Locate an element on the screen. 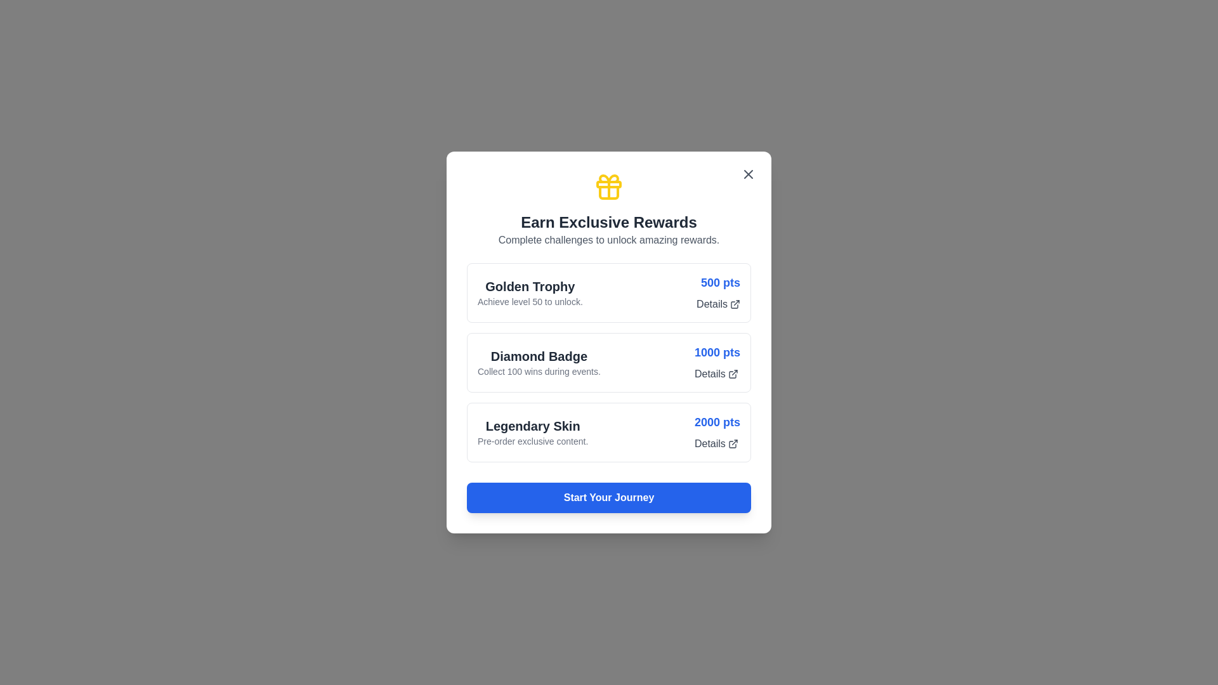 This screenshot has height=685, width=1218. the Label displaying the title 'Diamond Badge' and subtitle 'Collect 100 wins during events.', which is the second item in a vertically stacked list of bordered and rounded rectangles is located at coordinates (539, 362).